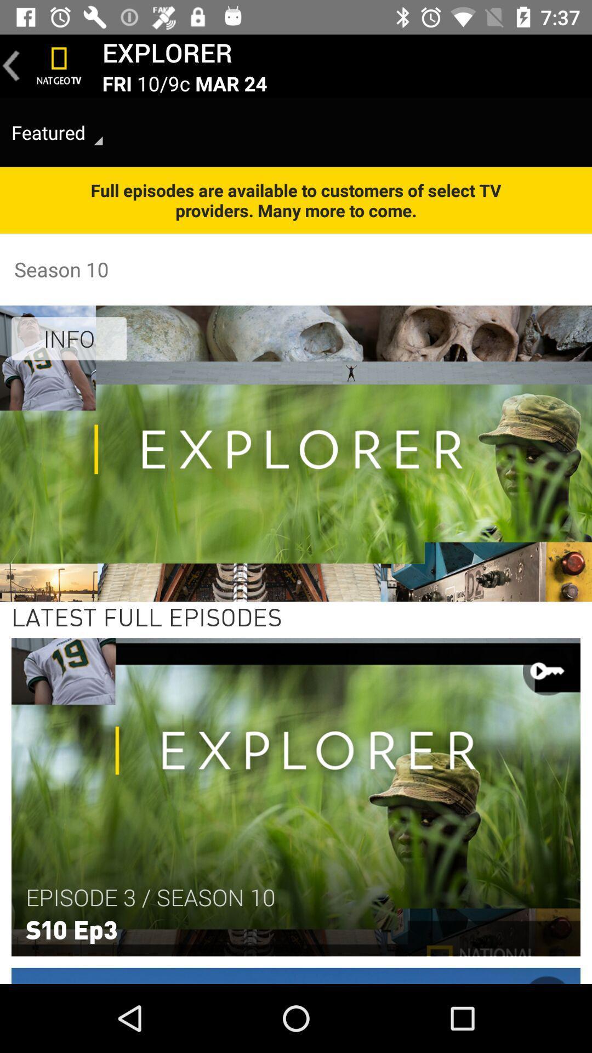 The width and height of the screenshot is (592, 1053). What do you see at coordinates (150, 897) in the screenshot?
I see `episode 3 season` at bounding box center [150, 897].